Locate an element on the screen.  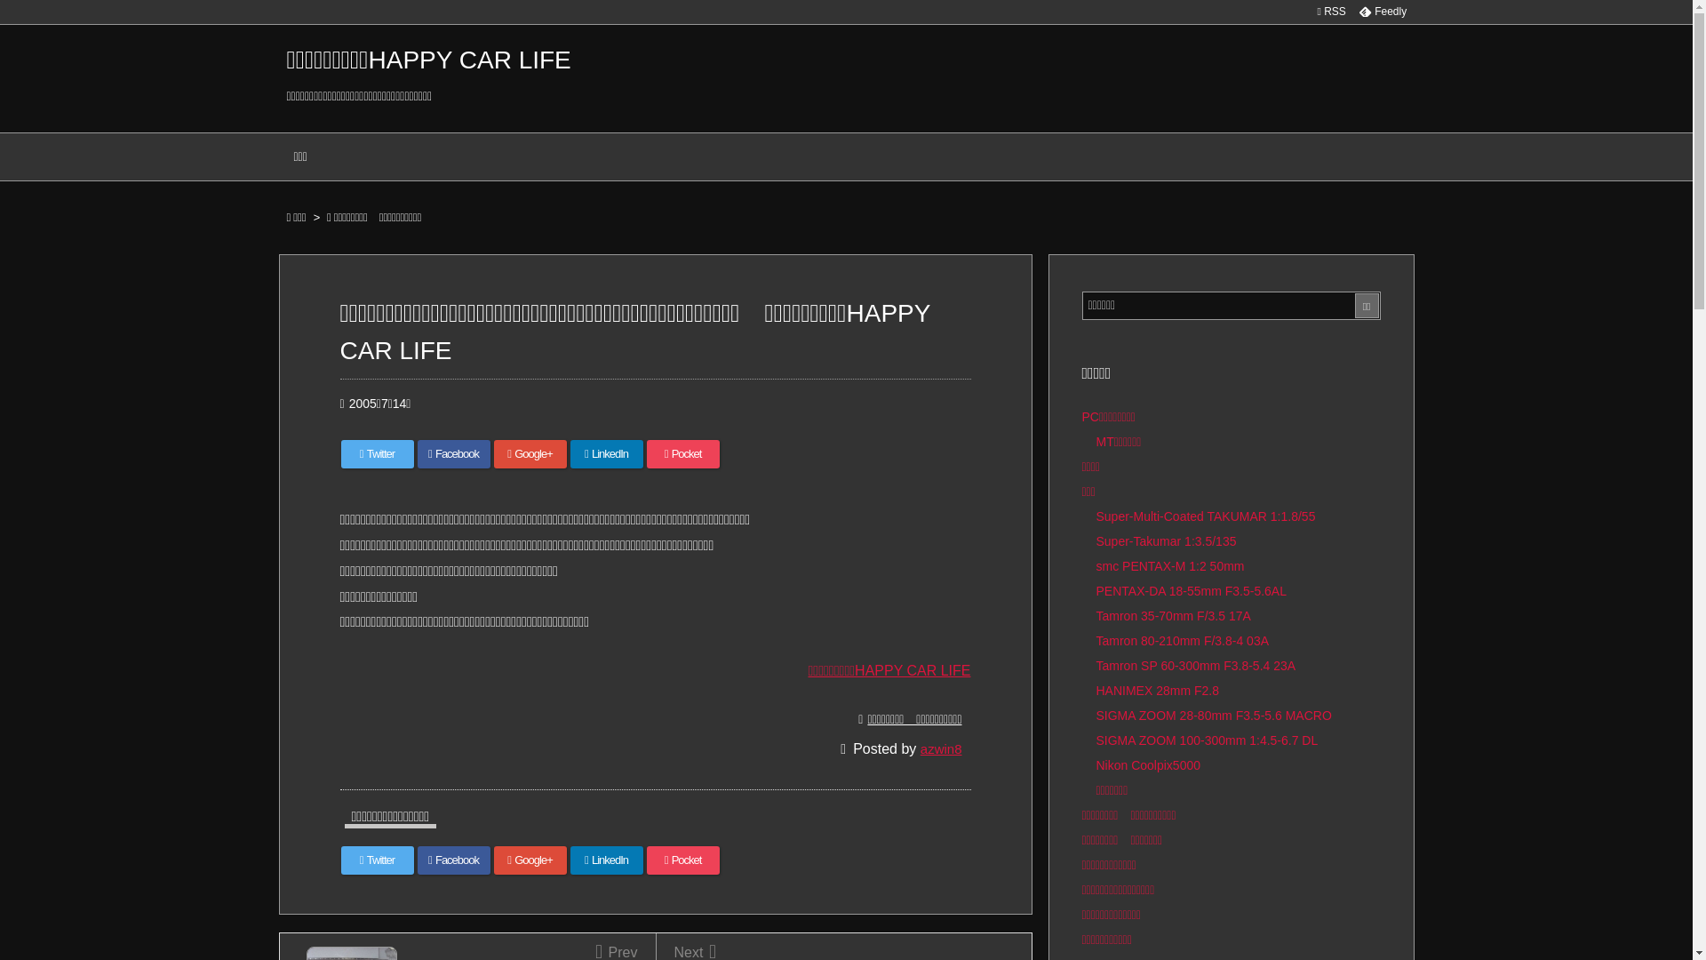
' Facebook' is located at coordinates (453, 452).